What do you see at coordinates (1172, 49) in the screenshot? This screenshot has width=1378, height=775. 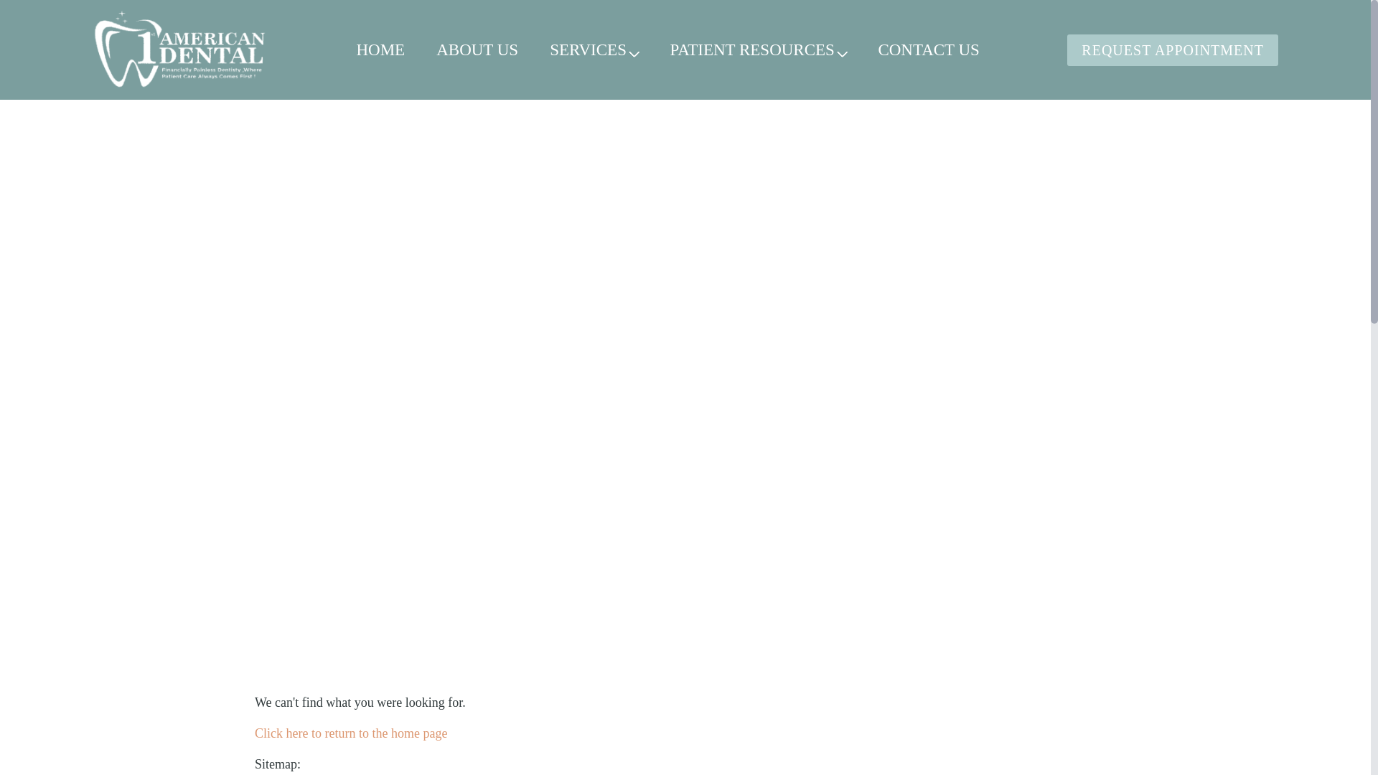 I see `'REQUEST APPOINTMENT'` at bounding box center [1172, 49].